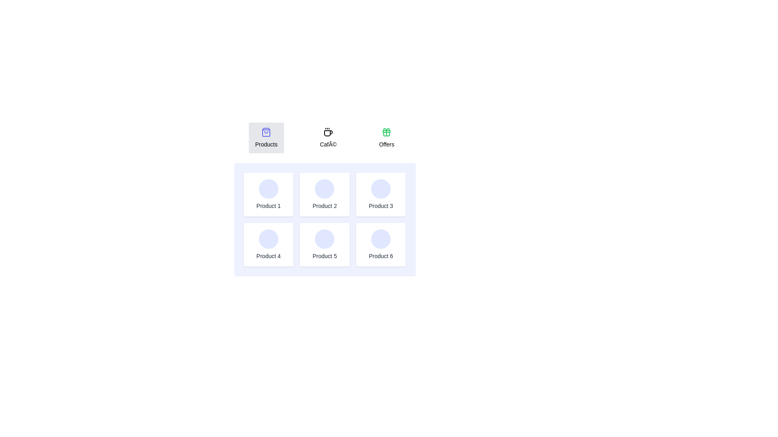  I want to click on the tab labeled Café, so click(328, 137).